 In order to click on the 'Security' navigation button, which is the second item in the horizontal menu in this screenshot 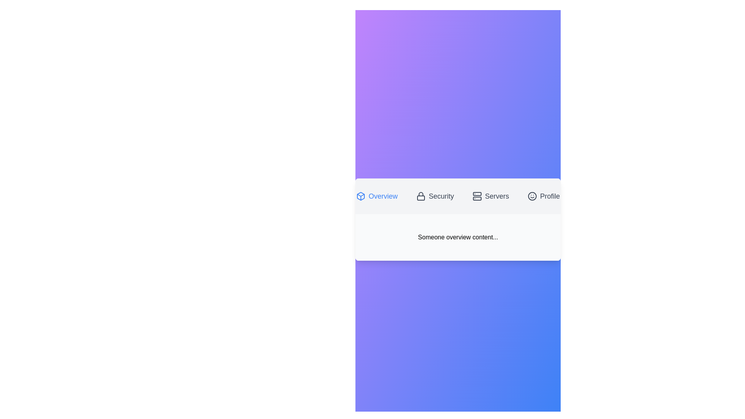, I will do `click(435, 196)`.